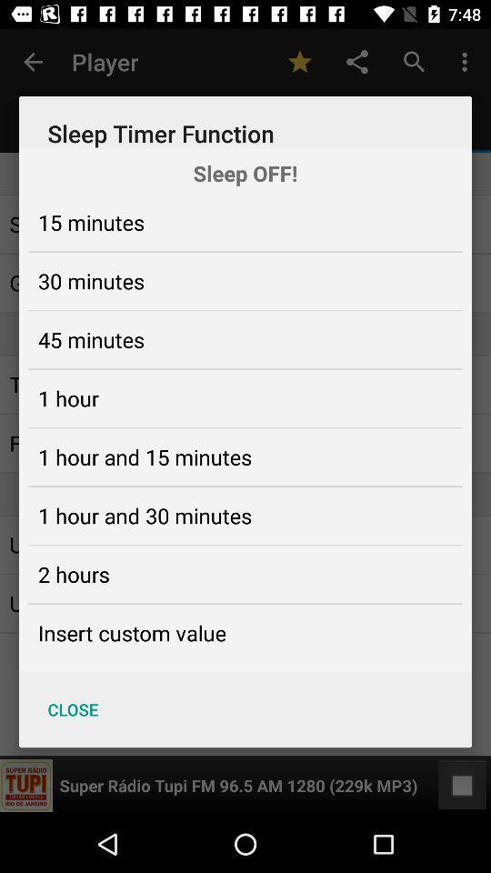  What do you see at coordinates (73, 573) in the screenshot?
I see `the 2 hours icon` at bounding box center [73, 573].